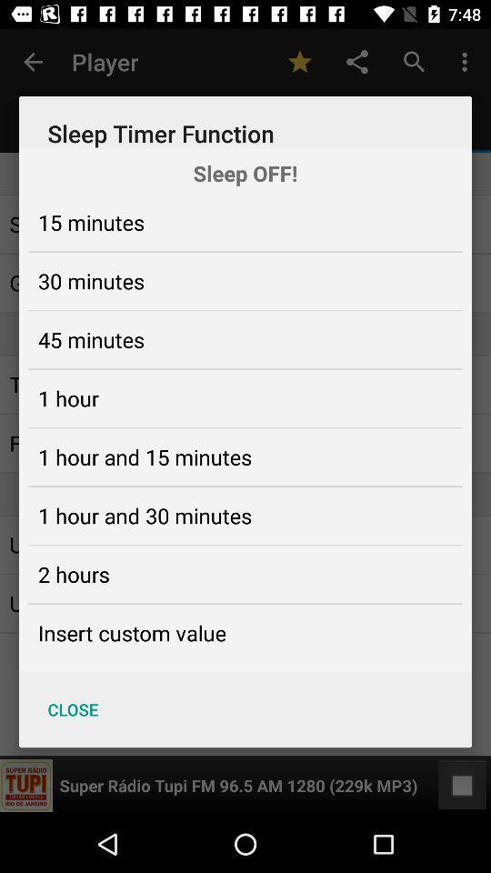  What do you see at coordinates (73, 573) in the screenshot?
I see `the 2 hours icon` at bounding box center [73, 573].